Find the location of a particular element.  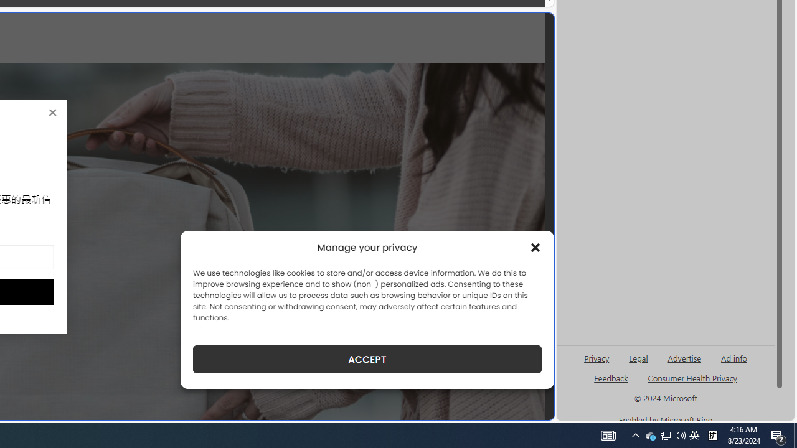

'AutomationID: sb_feedback' is located at coordinates (611, 377).